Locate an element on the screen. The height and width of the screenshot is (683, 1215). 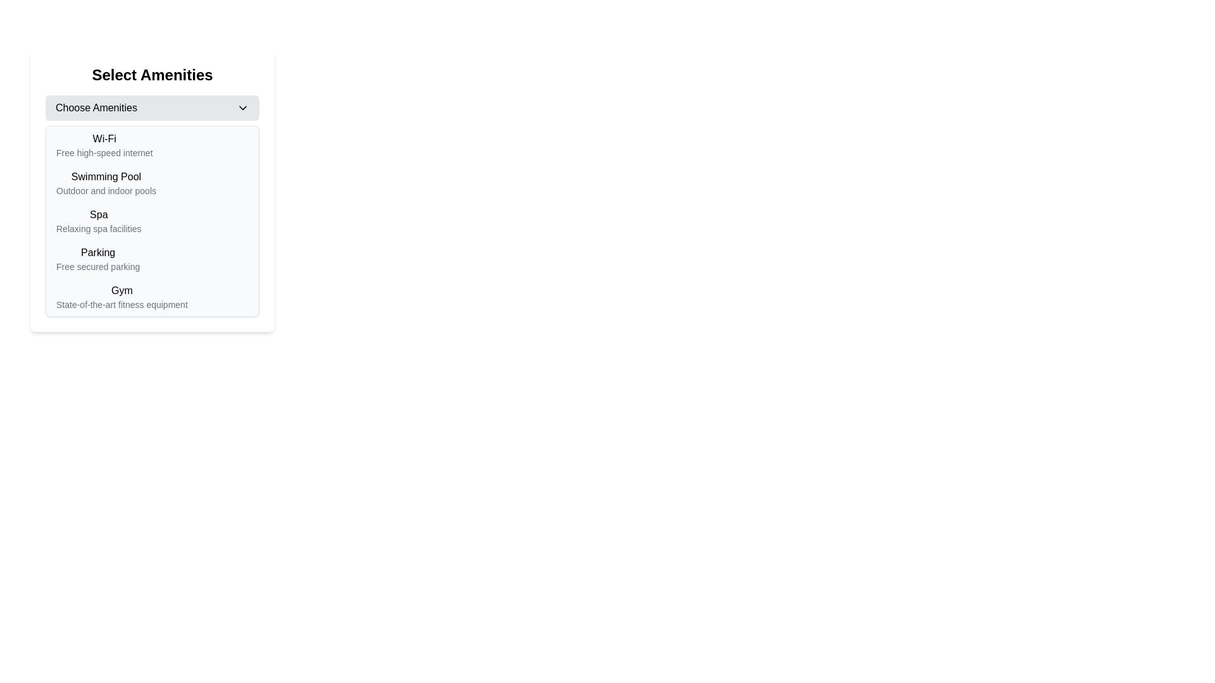
the non-interactive text label providing additional information about the 'Spa' amenity located directly under the 'Spa' label in the 'Select Amenities' list is located at coordinates (98, 229).